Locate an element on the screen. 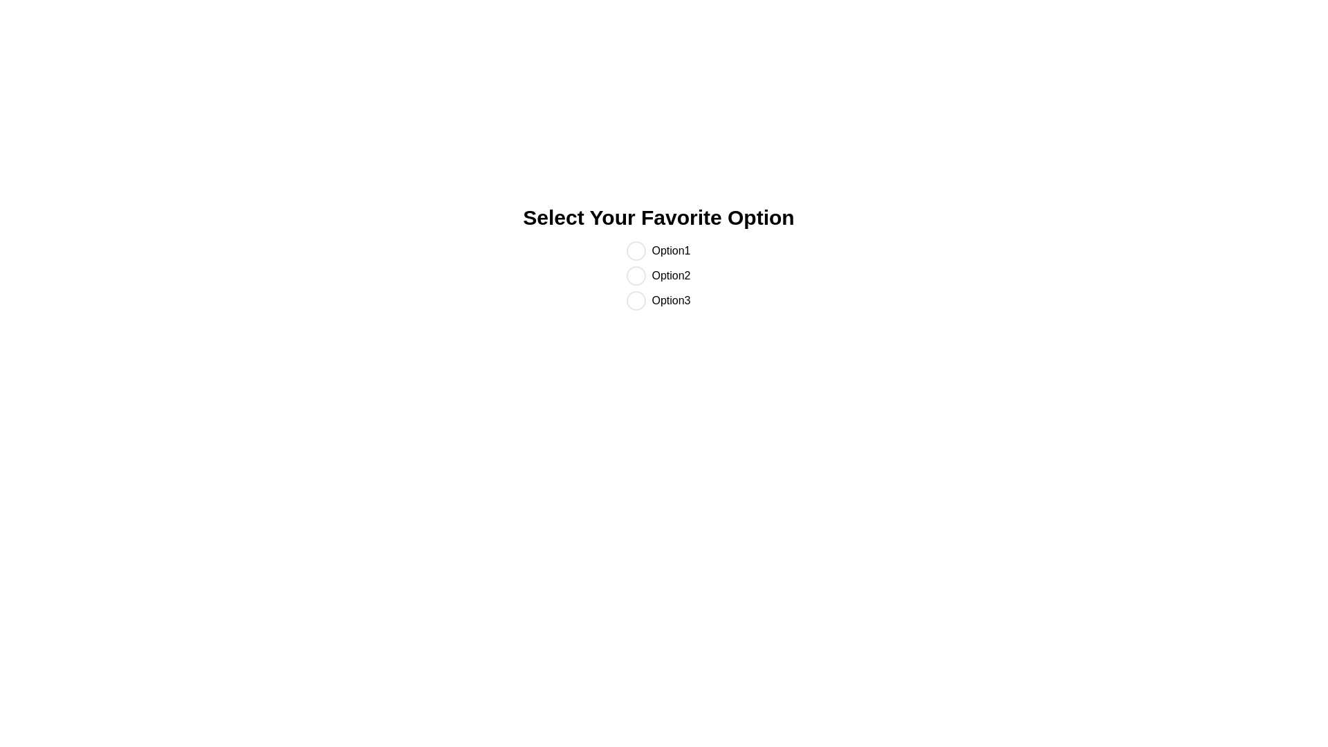 The height and width of the screenshot is (747, 1328). the interactive radio button for 'Option1' to enable keyboard interaction is located at coordinates (636, 250).